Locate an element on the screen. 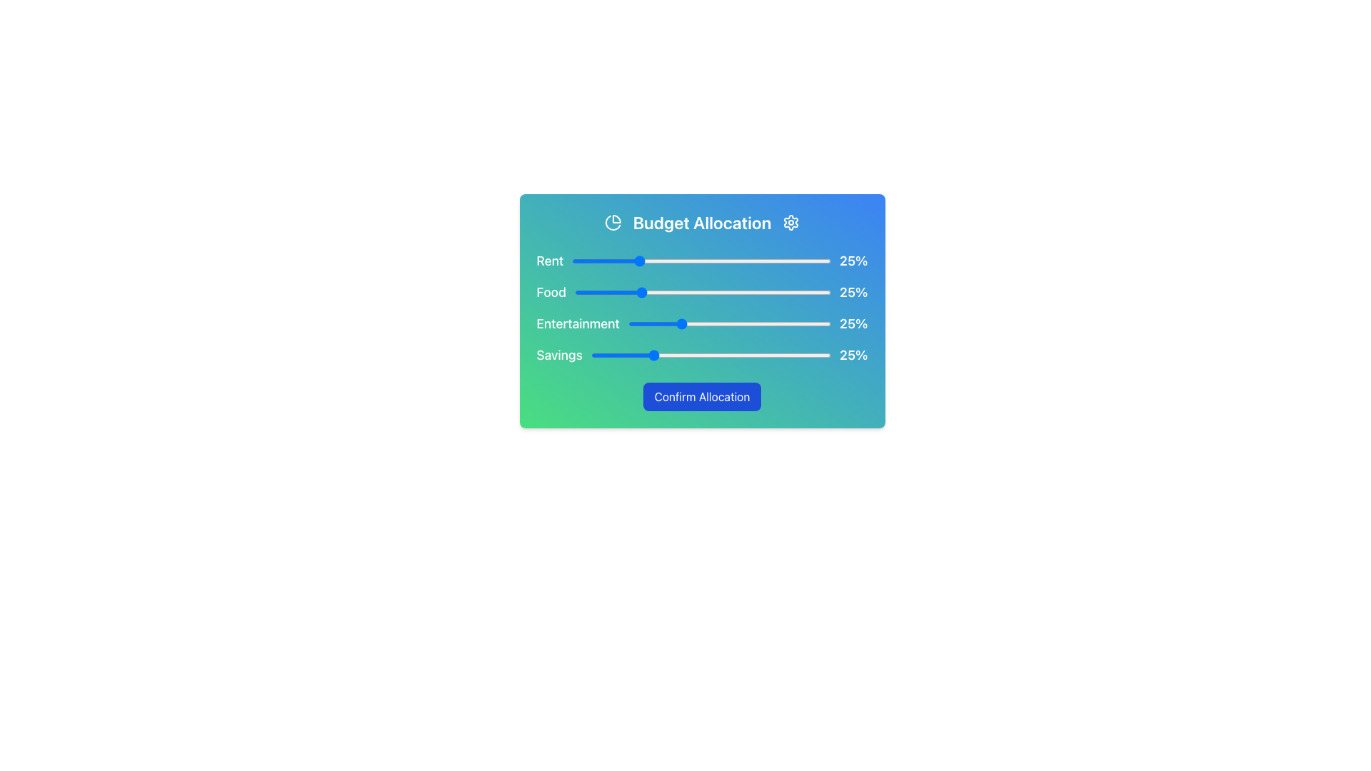  the budget allocation icon located in the upper left portion of the 'Budget Allocation' section is located at coordinates (613, 223).